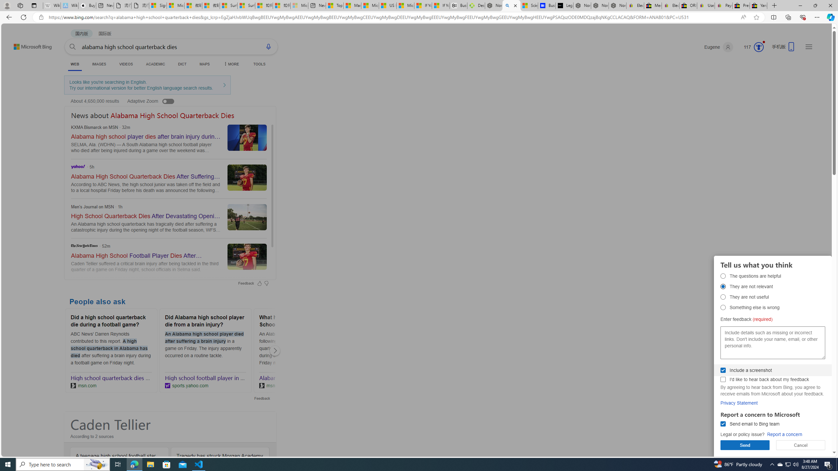 Image resolution: width=838 pixels, height=471 pixels. Describe the element at coordinates (352, 5) in the screenshot. I see `'Marine life - MSN'` at that location.